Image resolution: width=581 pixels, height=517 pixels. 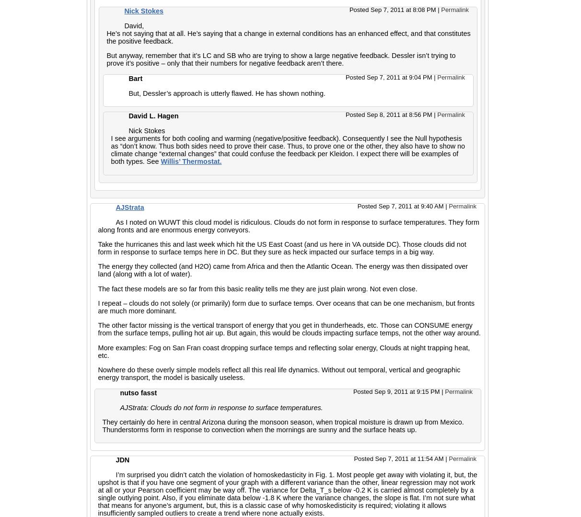 What do you see at coordinates (97, 269) in the screenshot?
I see `'The energy they collected (and H2O) came from Africa and then the Atlantic Ocean. The energy was then dissipated over land (along with a lot of water).'` at bounding box center [97, 269].